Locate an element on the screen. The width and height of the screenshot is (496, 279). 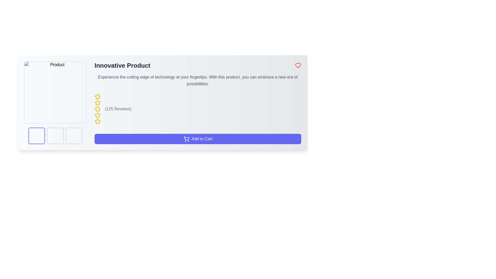
on the third star icon in the vertical five-star rating system, located in the review section next is located at coordinates (98, 109).